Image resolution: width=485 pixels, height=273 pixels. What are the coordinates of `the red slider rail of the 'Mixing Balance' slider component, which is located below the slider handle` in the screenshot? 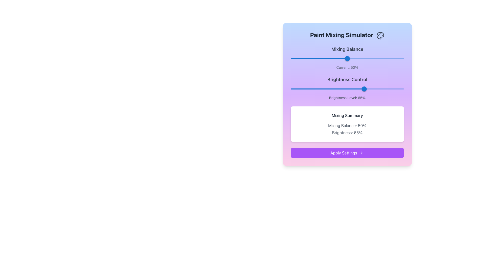 It's located at (347, 58).